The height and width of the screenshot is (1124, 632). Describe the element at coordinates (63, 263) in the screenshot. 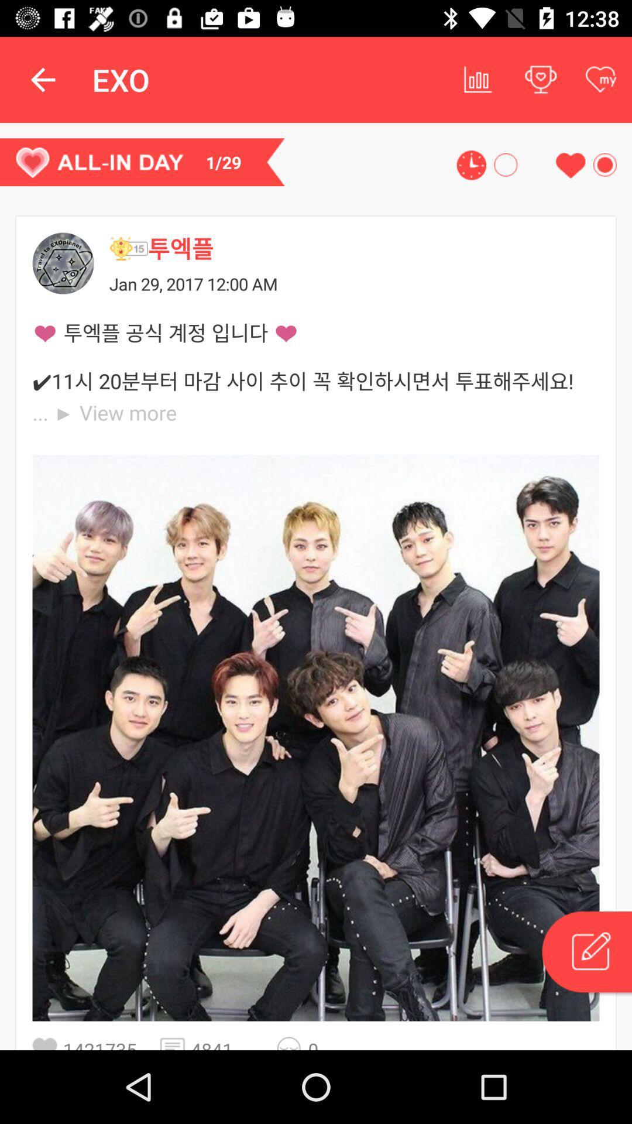

I see `go back` at that location.